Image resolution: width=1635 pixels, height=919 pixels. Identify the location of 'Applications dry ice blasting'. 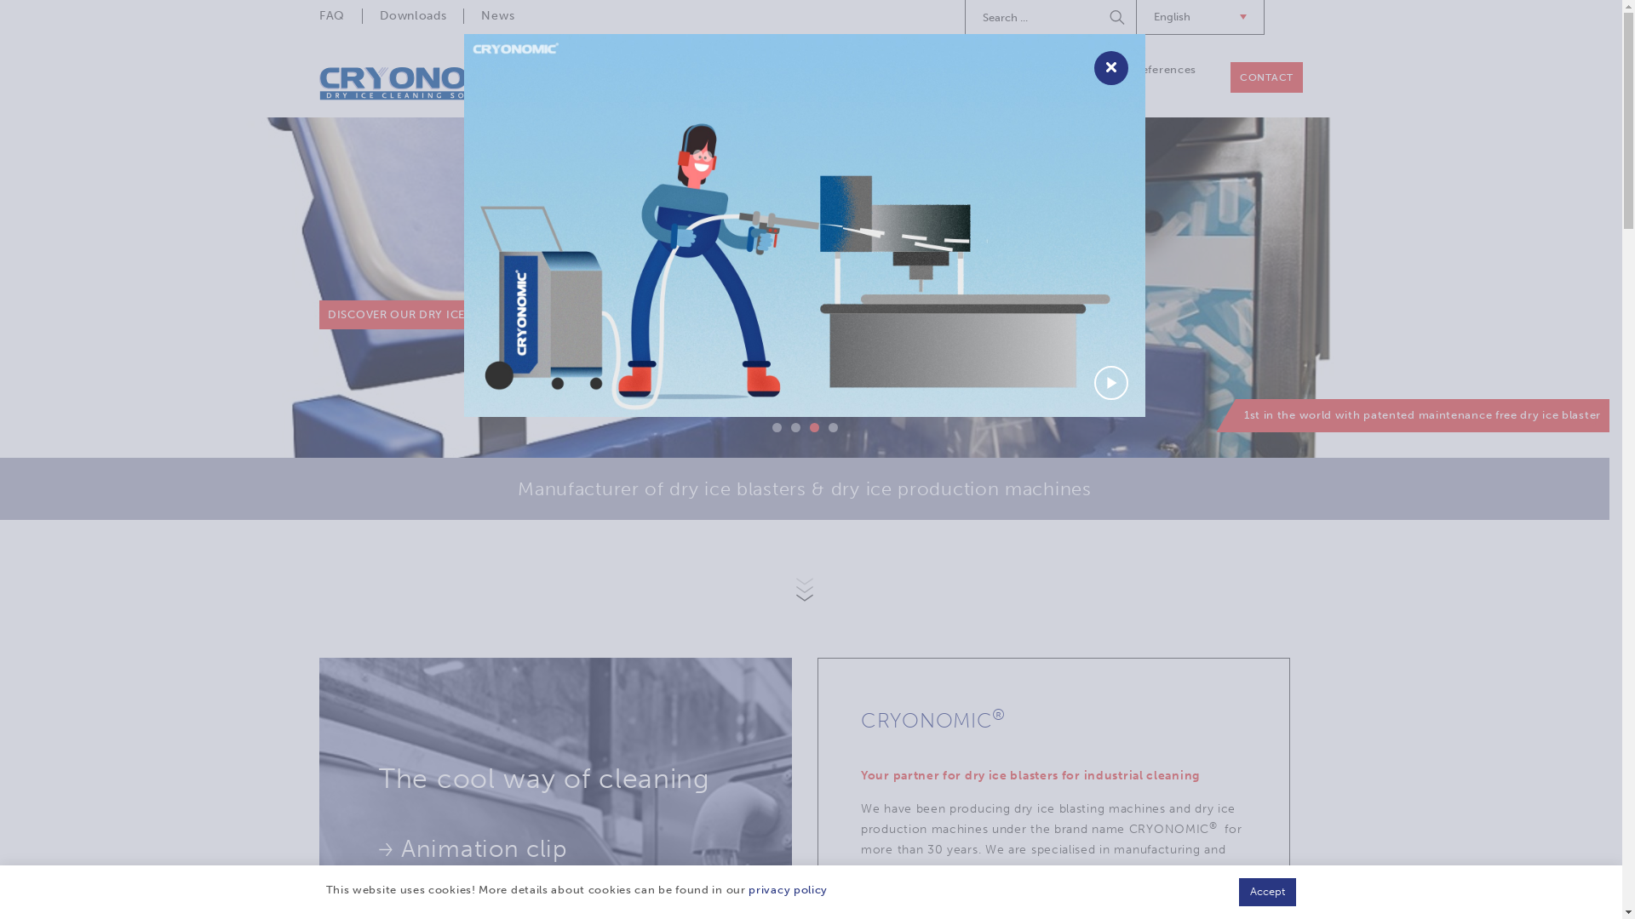
(1022, 77).